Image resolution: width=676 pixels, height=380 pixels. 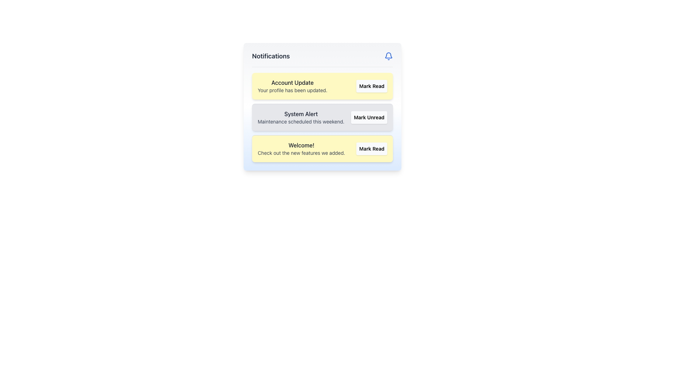 I want to click on the 'Mark Unread' button, which is a small rounded rectangular button with a gray background and bold black text, located in the notification panel to the right of the 'System Alert' notification block, so click(x=369, y=117).